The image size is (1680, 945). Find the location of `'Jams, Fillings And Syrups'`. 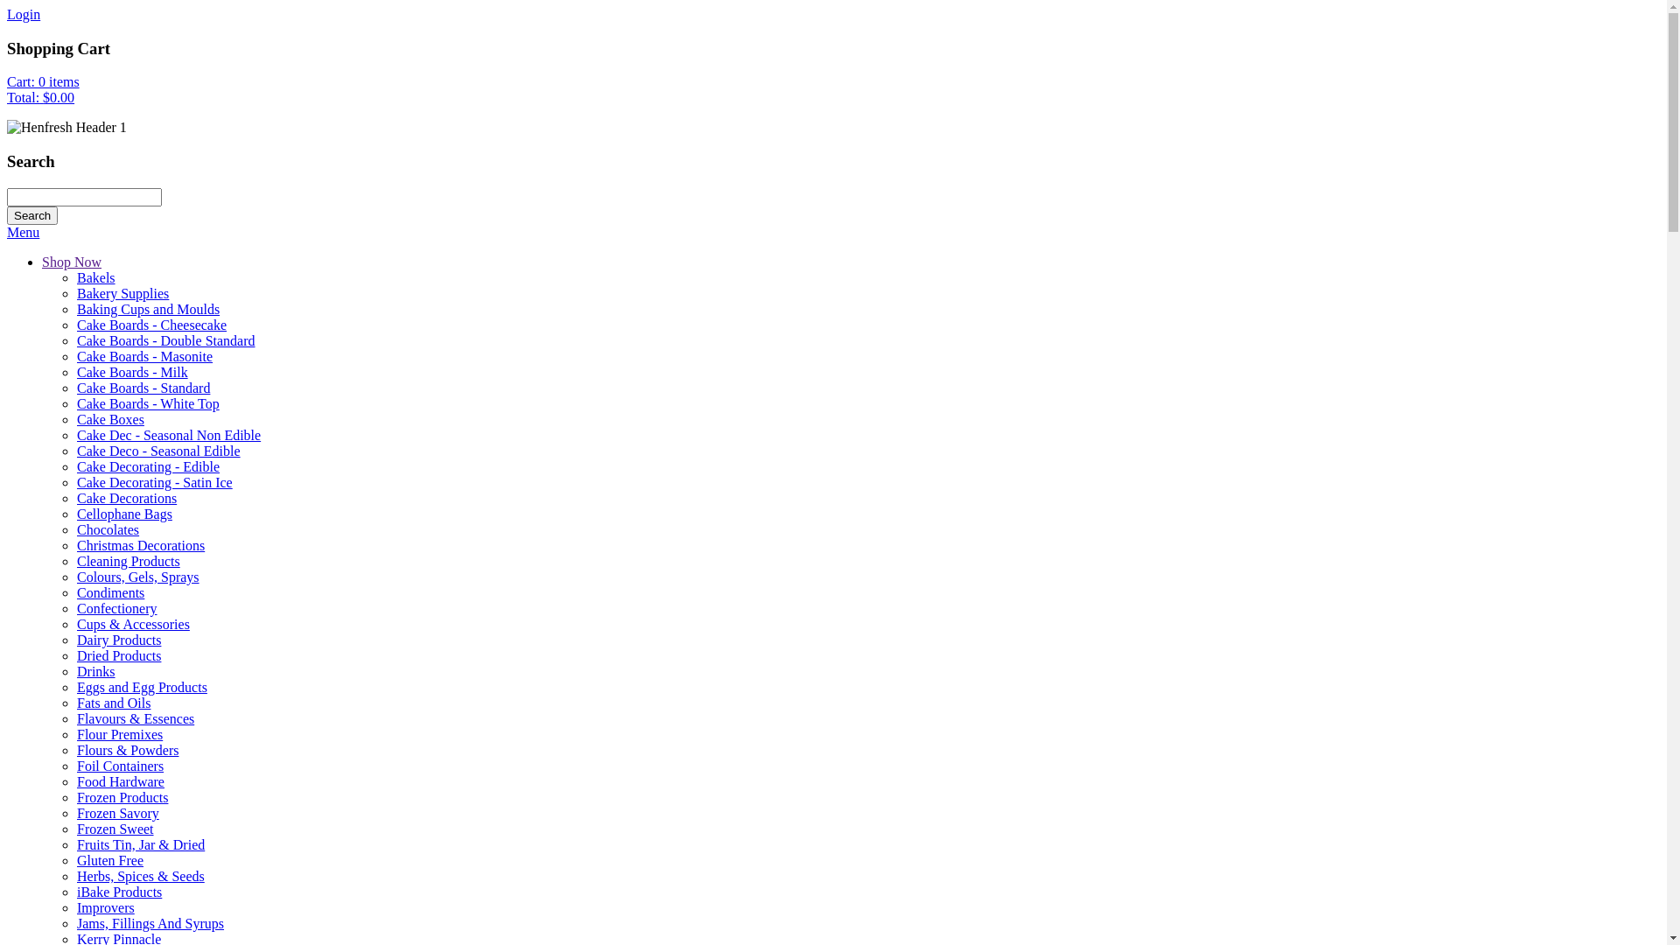

'Jams, Fillings And Syrups' is located at coordinates (150, 922).